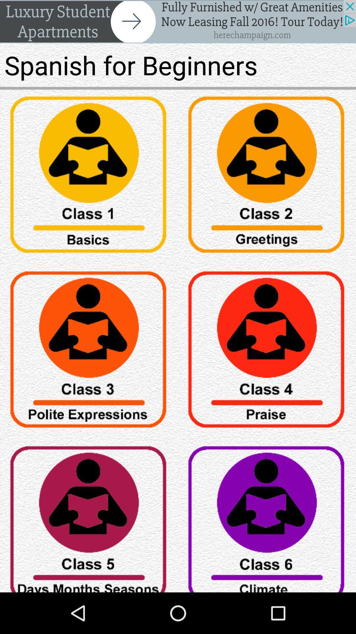 The height and width of the screenshot is (634, 356). What do you see at coordinates (178, 21) in the screenshot?
I see `advert banner` at bounding box center [178, 21].